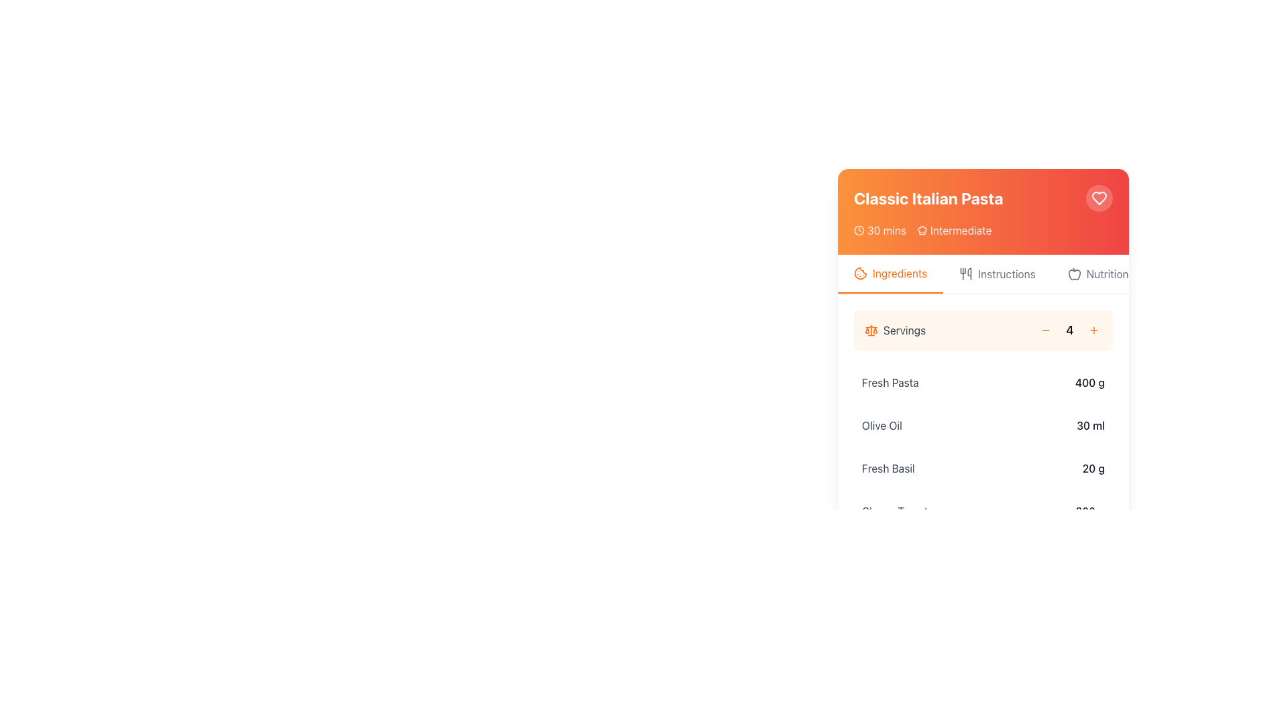 This screenshot has height=724, width=1288. What do you see at coordinates (922, 229) in the screenshot?
I see `the decorative chef's hat icon located at the top-right corner of the recipe card for 'Classic Italian Pasta', which is adjacent to the title and a heart-shaped icon` at bounding box center [922, 229].